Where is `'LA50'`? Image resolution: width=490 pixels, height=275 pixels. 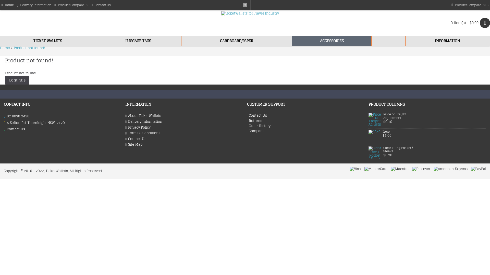
'LA50' is located at coordinates (374, 136).